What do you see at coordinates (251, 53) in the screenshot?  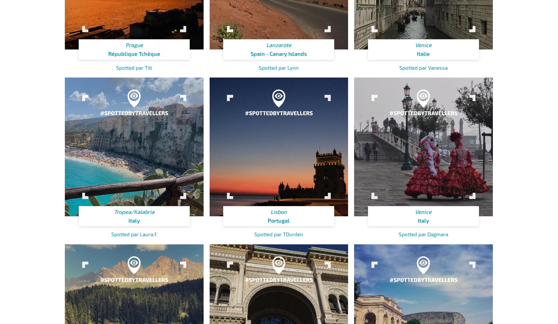 I see `'Spain - Canary Islands'` at bounding box center [251, 53].